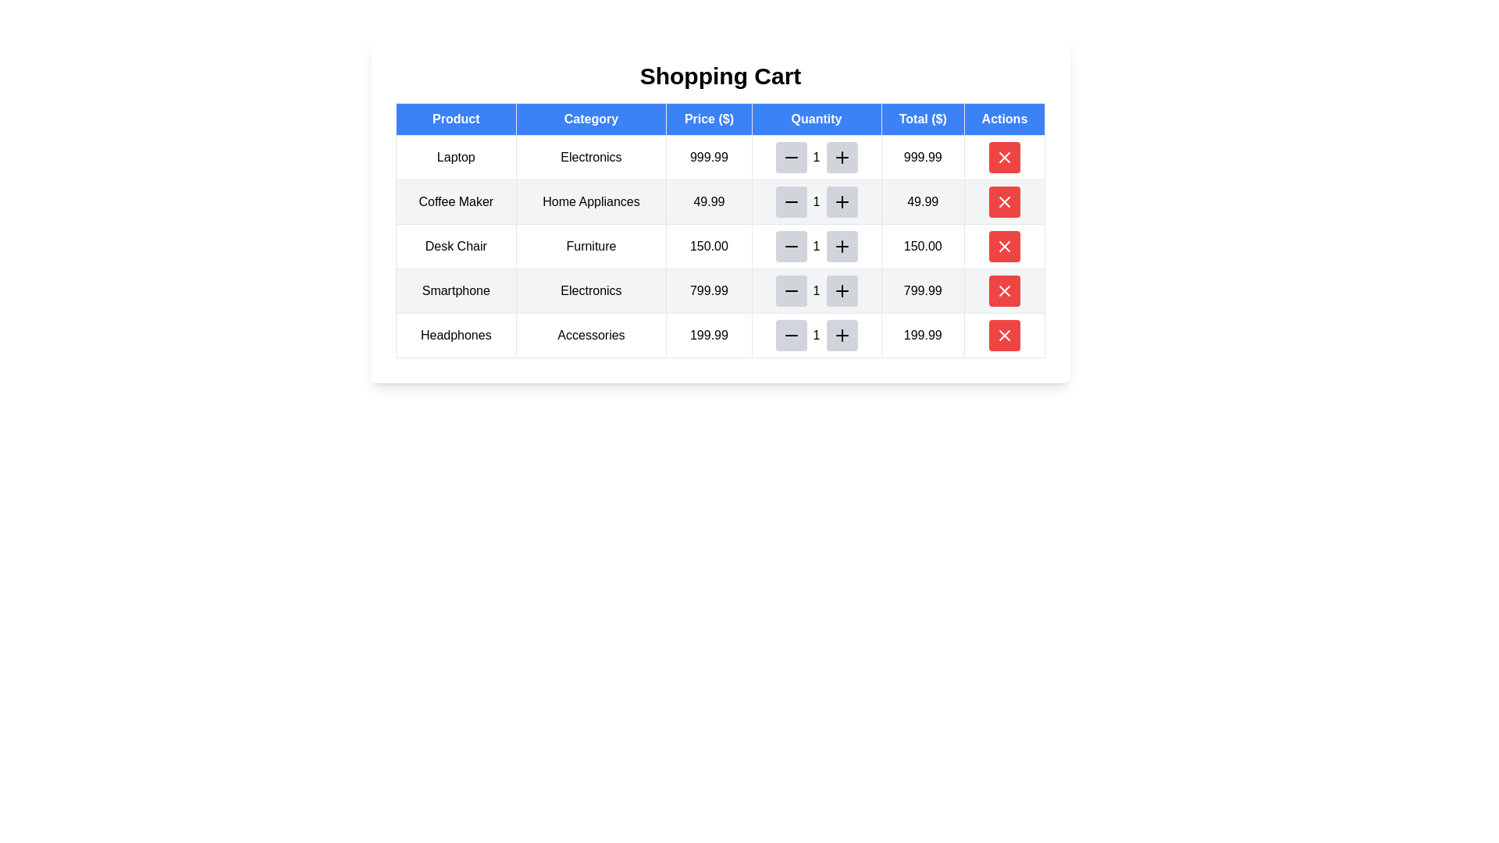 Image resolution: width=1499 pixels, height=843 pixels. I want to click on the numeric text label displaying '1' in black font, which is located in the third row of the 'Shopping Cart' table under the 'Quantity' column, between the minus and plus buttons, so click(816, 246).